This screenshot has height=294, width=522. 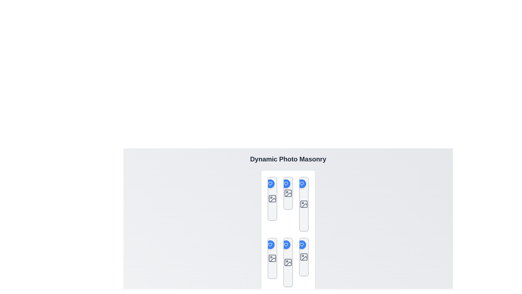 I want to click on the heart icon located at the top-right corner of the individual card in the Dynamic Photo Masonry layout, so click(x=301, y=244).